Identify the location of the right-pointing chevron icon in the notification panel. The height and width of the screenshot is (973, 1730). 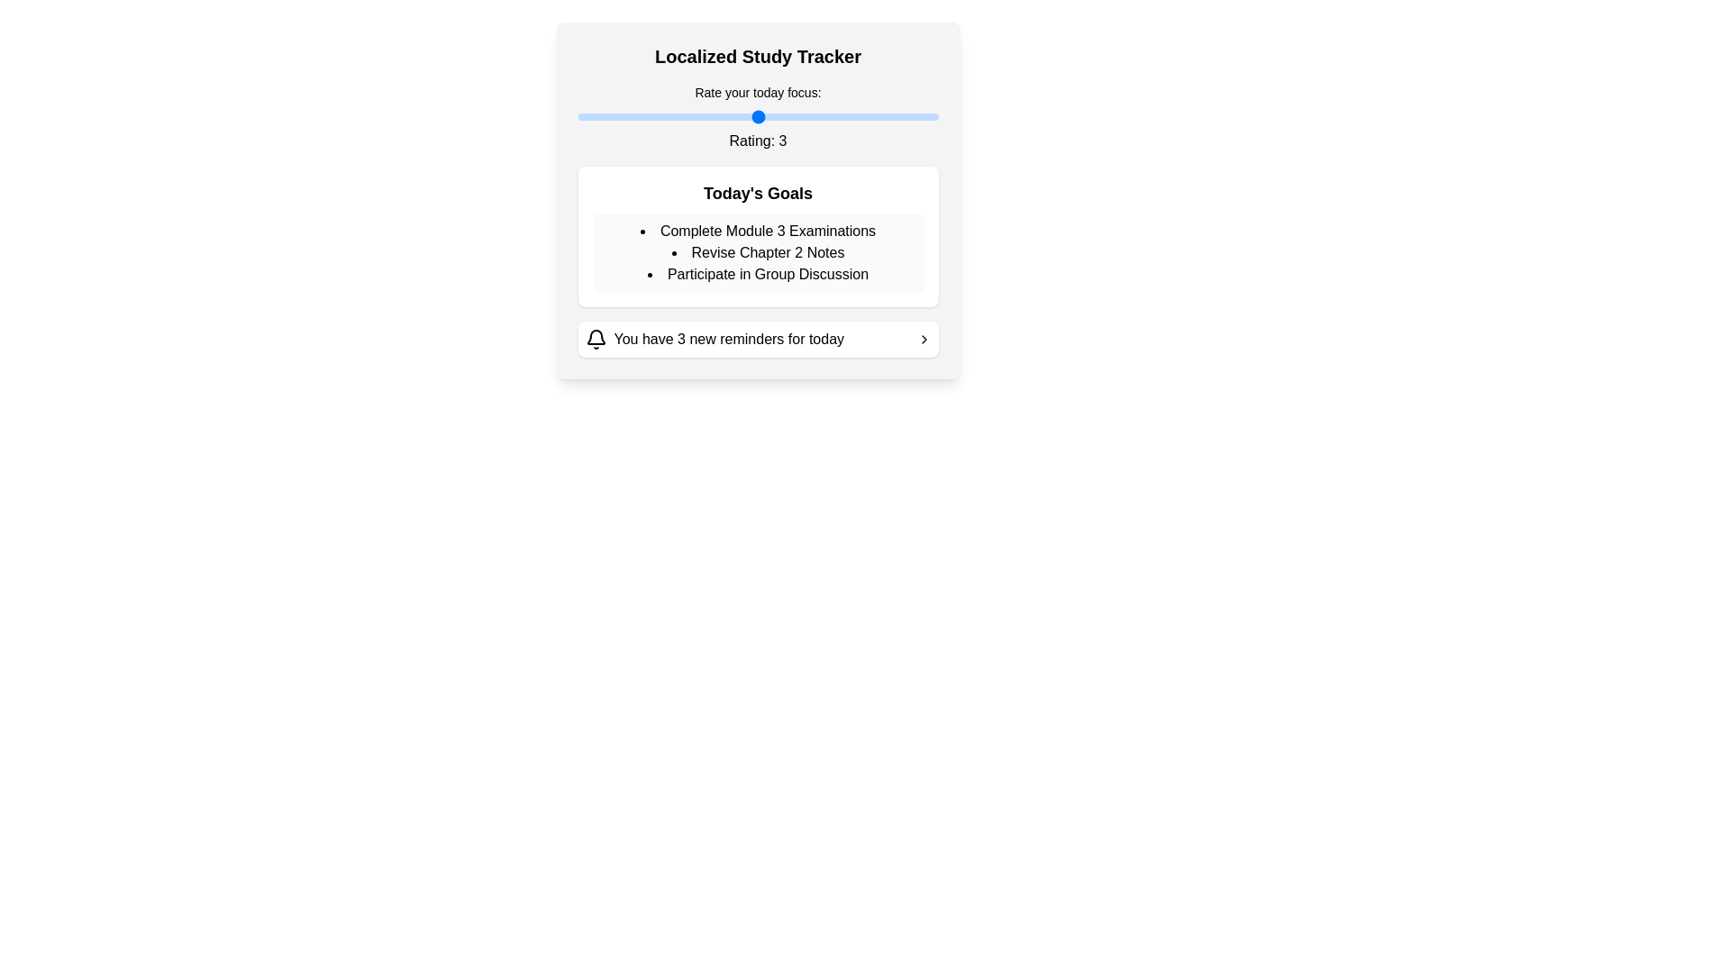
(924, 340).